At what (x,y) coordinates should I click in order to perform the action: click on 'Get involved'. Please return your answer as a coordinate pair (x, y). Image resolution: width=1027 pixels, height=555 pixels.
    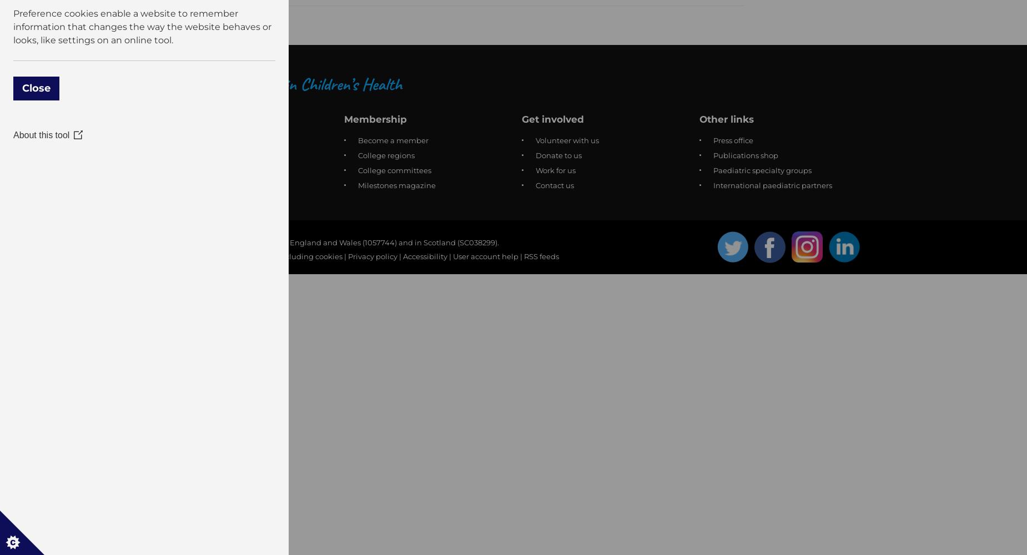
    Looking at the image, I should click on (552, 118).